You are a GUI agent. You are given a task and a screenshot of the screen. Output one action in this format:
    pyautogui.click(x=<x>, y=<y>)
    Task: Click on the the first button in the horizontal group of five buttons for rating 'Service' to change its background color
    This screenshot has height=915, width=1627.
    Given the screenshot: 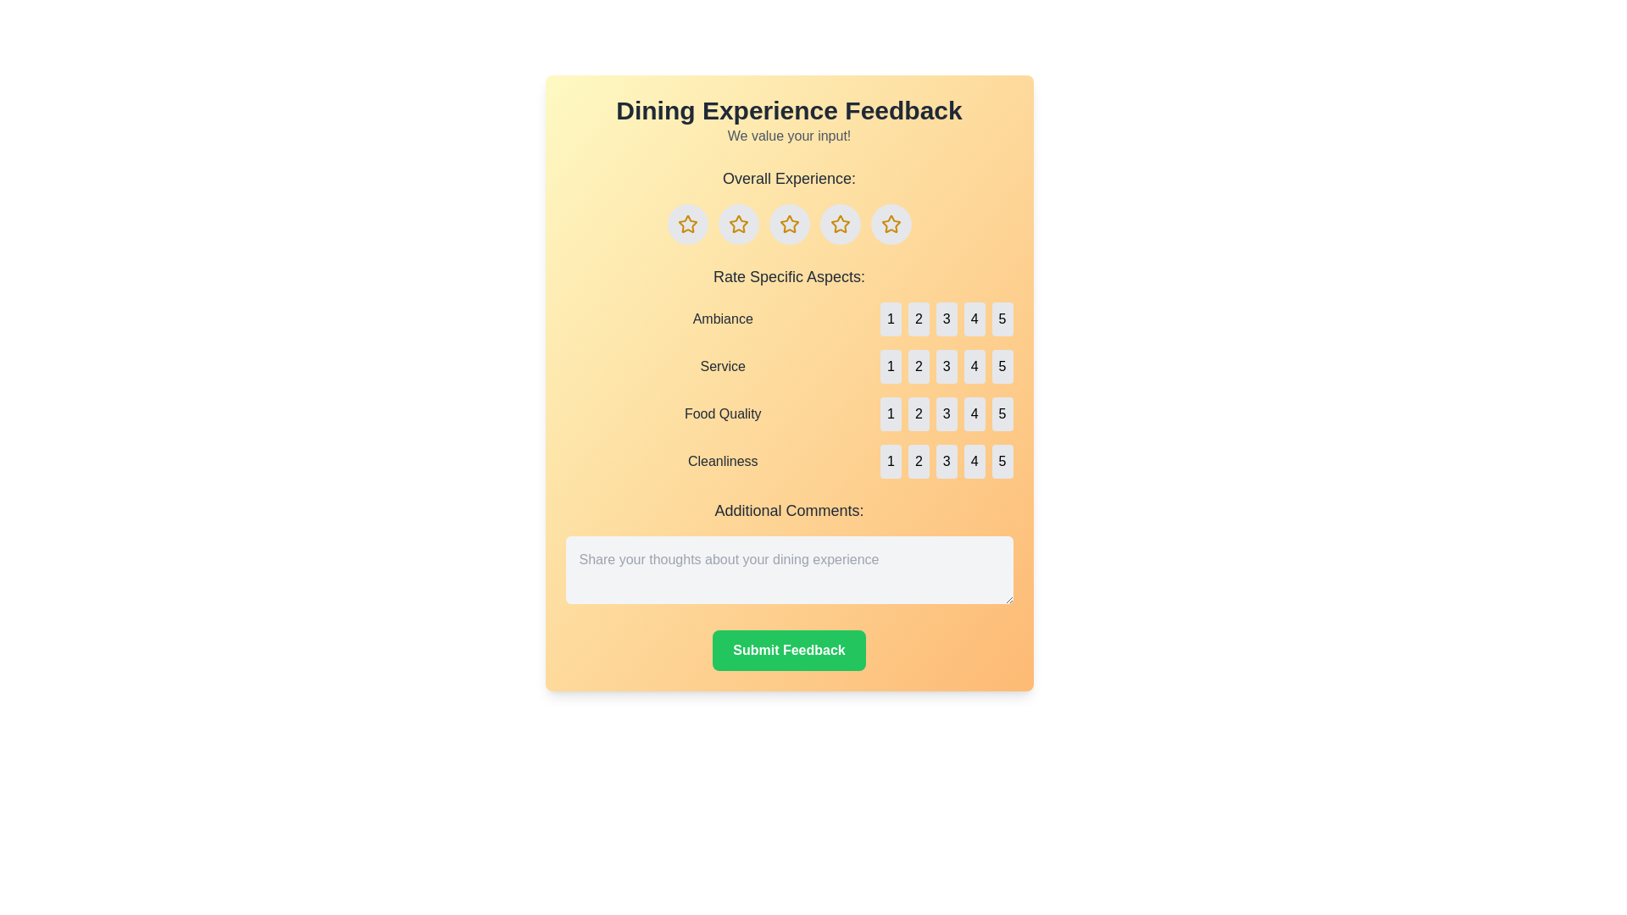 What is the action you would take?
    pyautogui.click(x=890, y=365)
    